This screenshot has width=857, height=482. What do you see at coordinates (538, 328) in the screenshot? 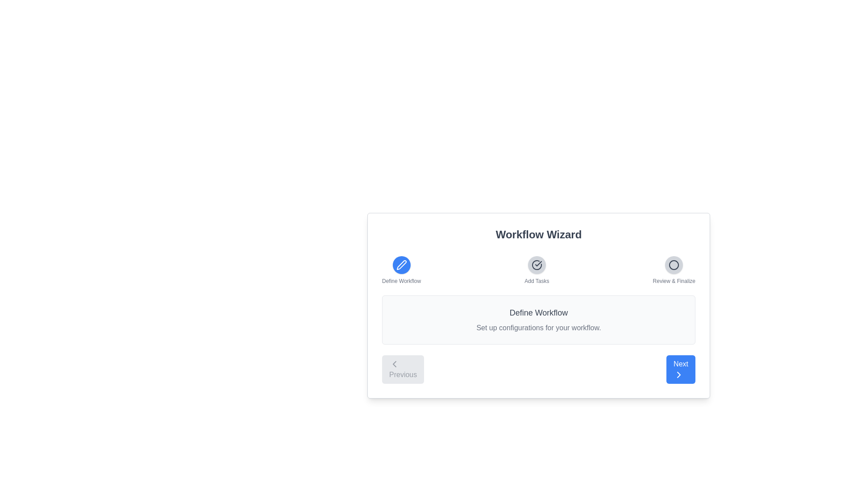
I see `text label displaying 'Set up configurations for your workflow.' located below the 'Define Workflow' header within a light gray panel` at bounding box center [538, 328].